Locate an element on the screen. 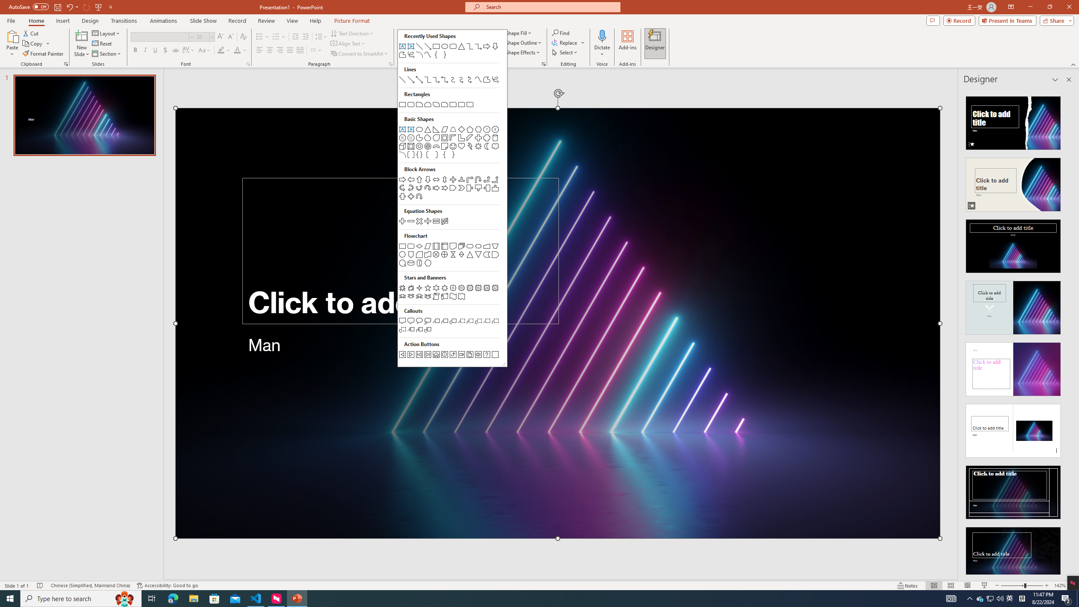  'Reset' is located at coordinates (102, 43).